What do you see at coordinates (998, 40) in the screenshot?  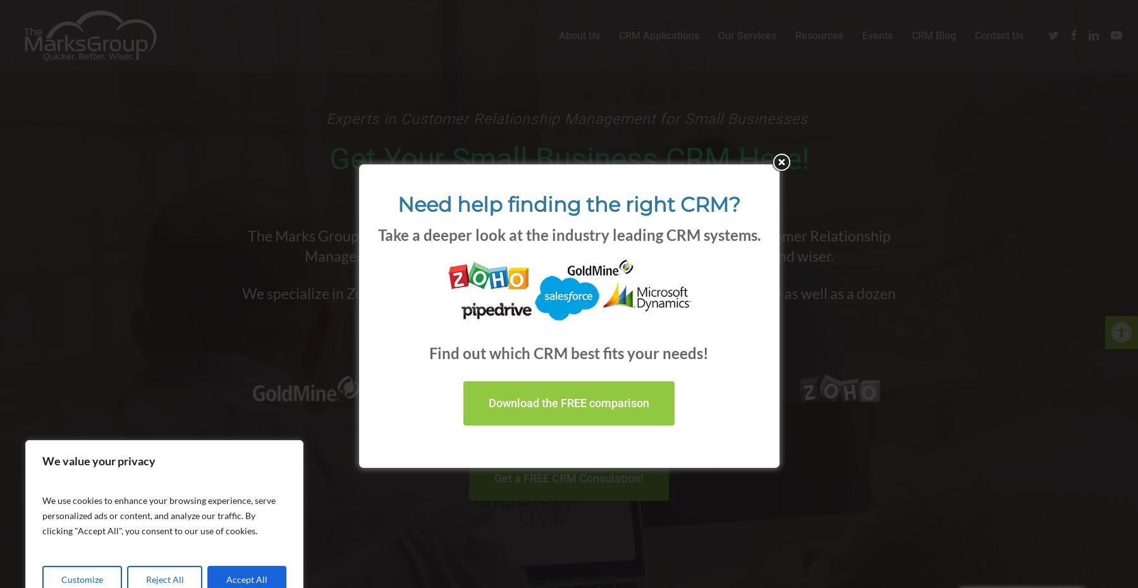 I see `'Contact Us'` at bounding box center [998, 40].